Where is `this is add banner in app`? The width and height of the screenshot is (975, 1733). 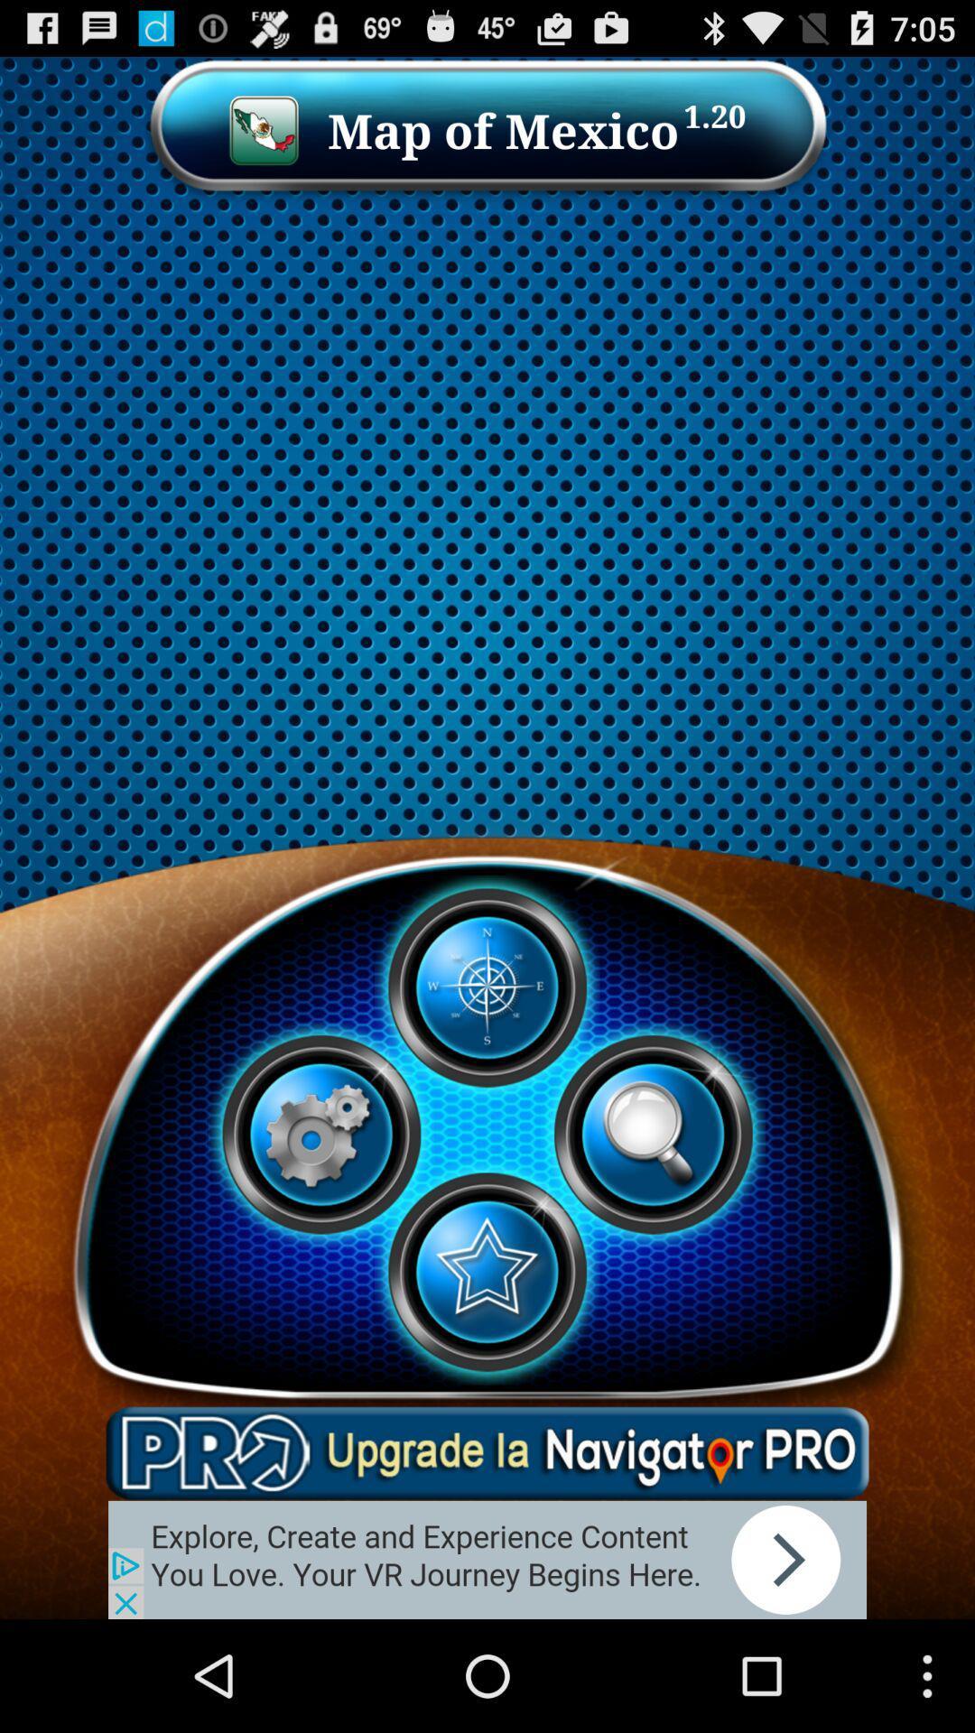 this is add banner in app is located at coordinates (487, 1453).